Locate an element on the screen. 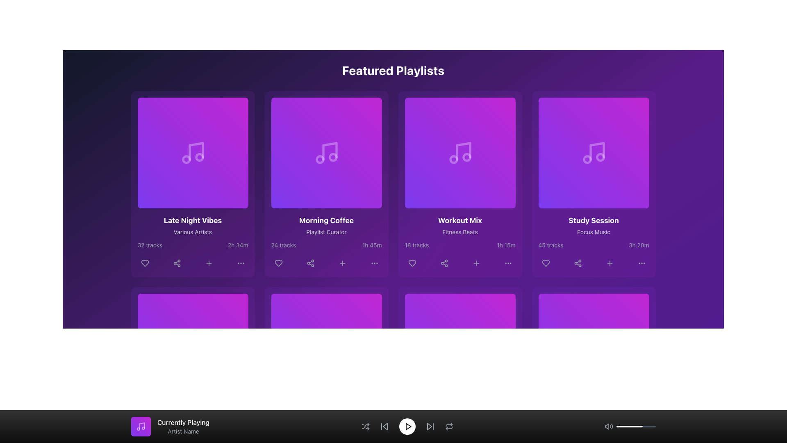 The height and width of the screenshot is (443, 787). text label displaying '24 tracks' located under the 'Morning Coffee' playlist card, which is rendered in white on a dark purple background is located at coordinates (283, 244).